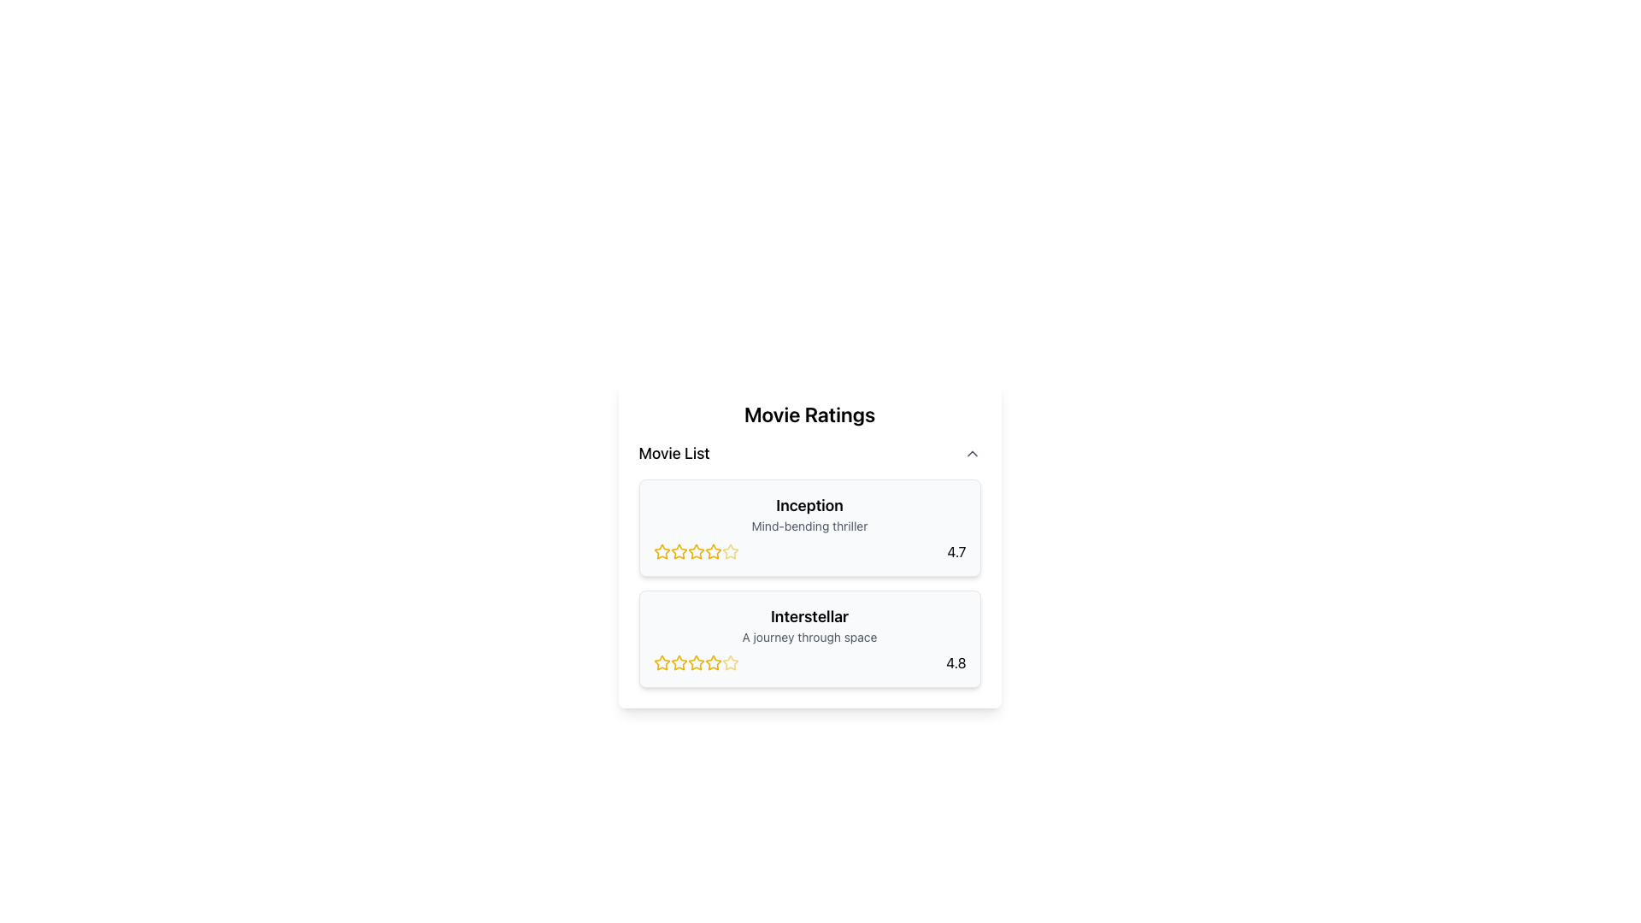 The image size is (1641, 923). I want to click on the fourth star in the 5-star rating system for the movie 'Inception', so click(730, 551).